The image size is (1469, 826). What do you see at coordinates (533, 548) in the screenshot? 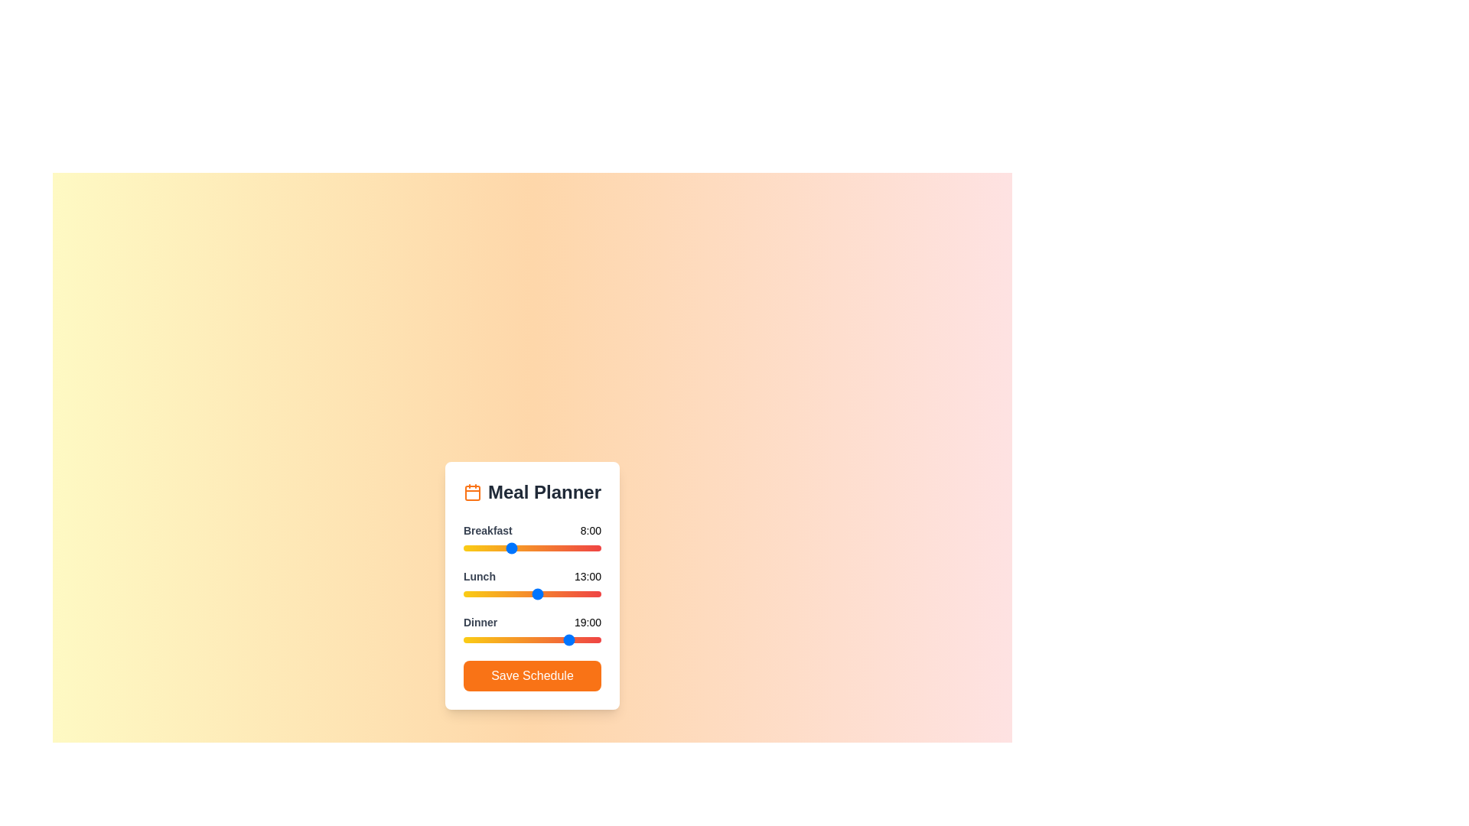
I see `the 0 slider to 12` at bounding box center [533, 548].